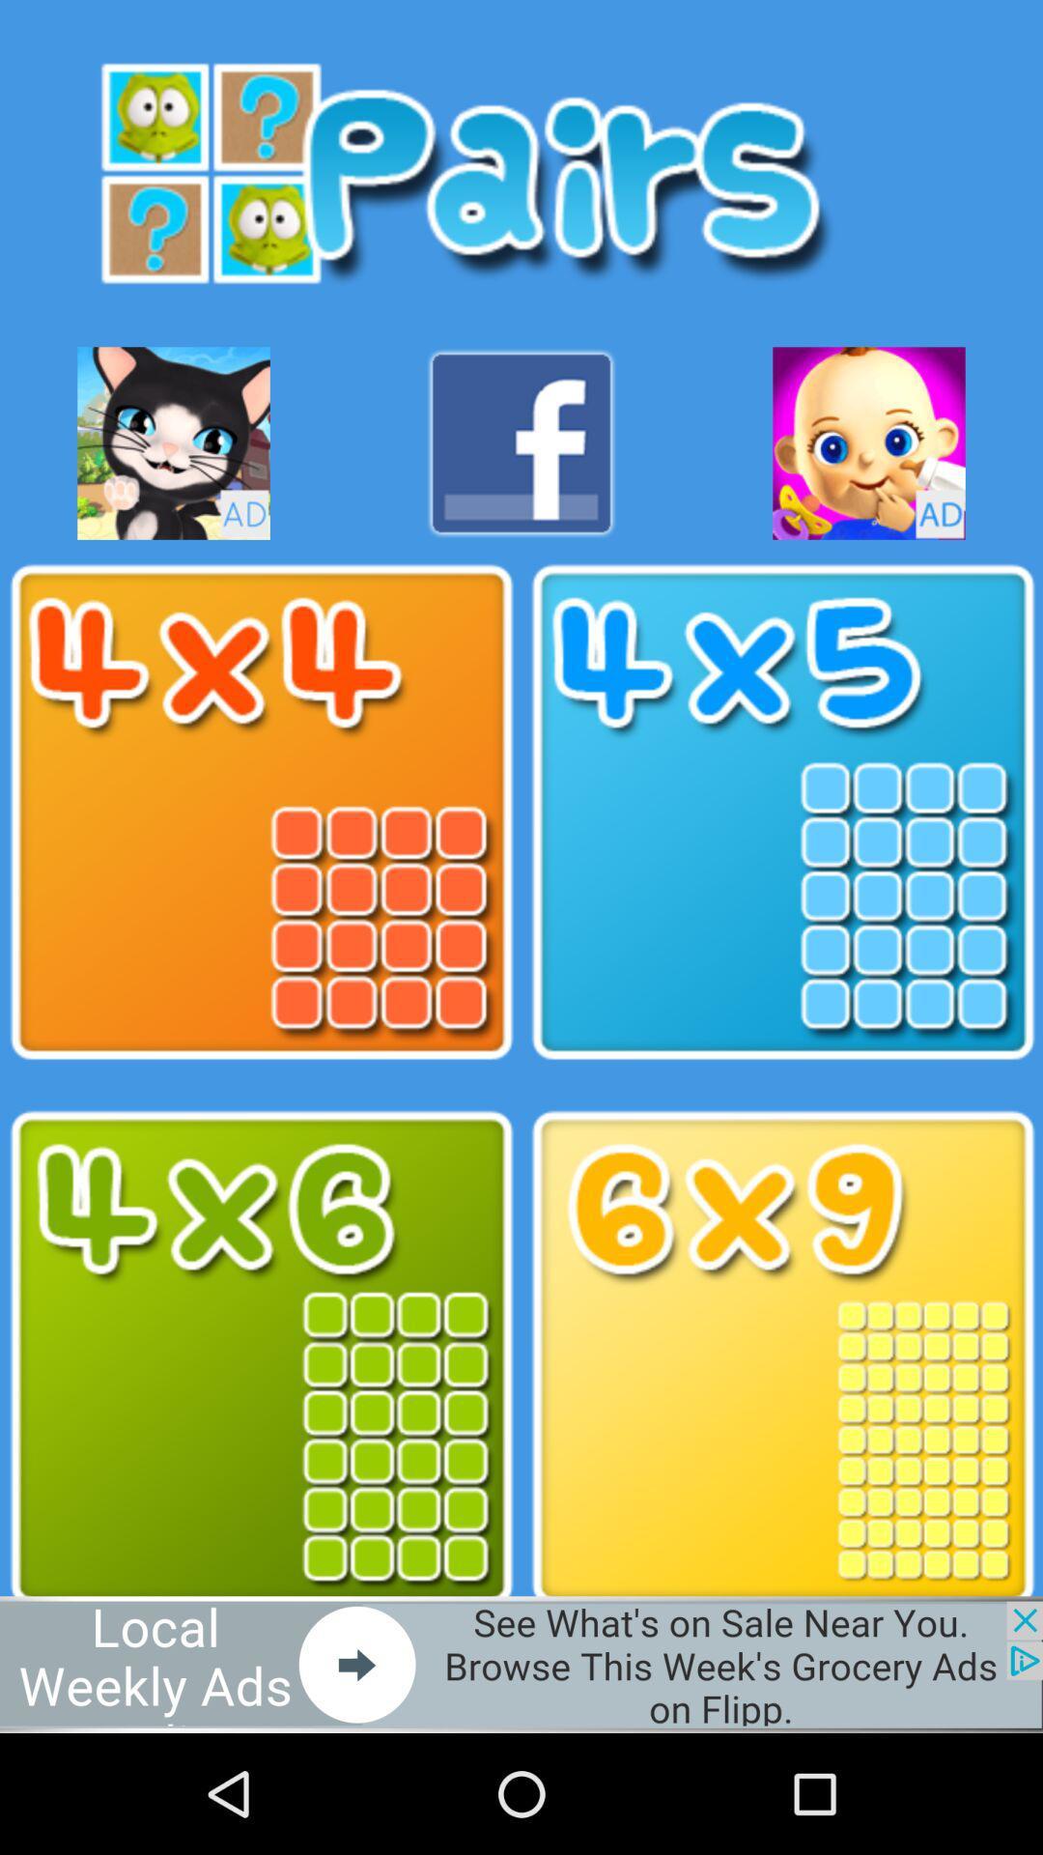  I want to click on adding in the maths, so click(782, 813).